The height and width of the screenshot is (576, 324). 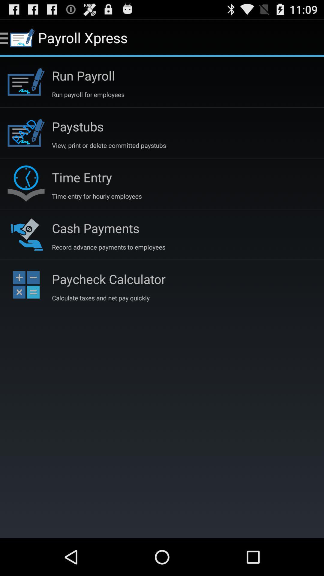 I want to click on icon below the cash payments, so click(x=109, y=247).